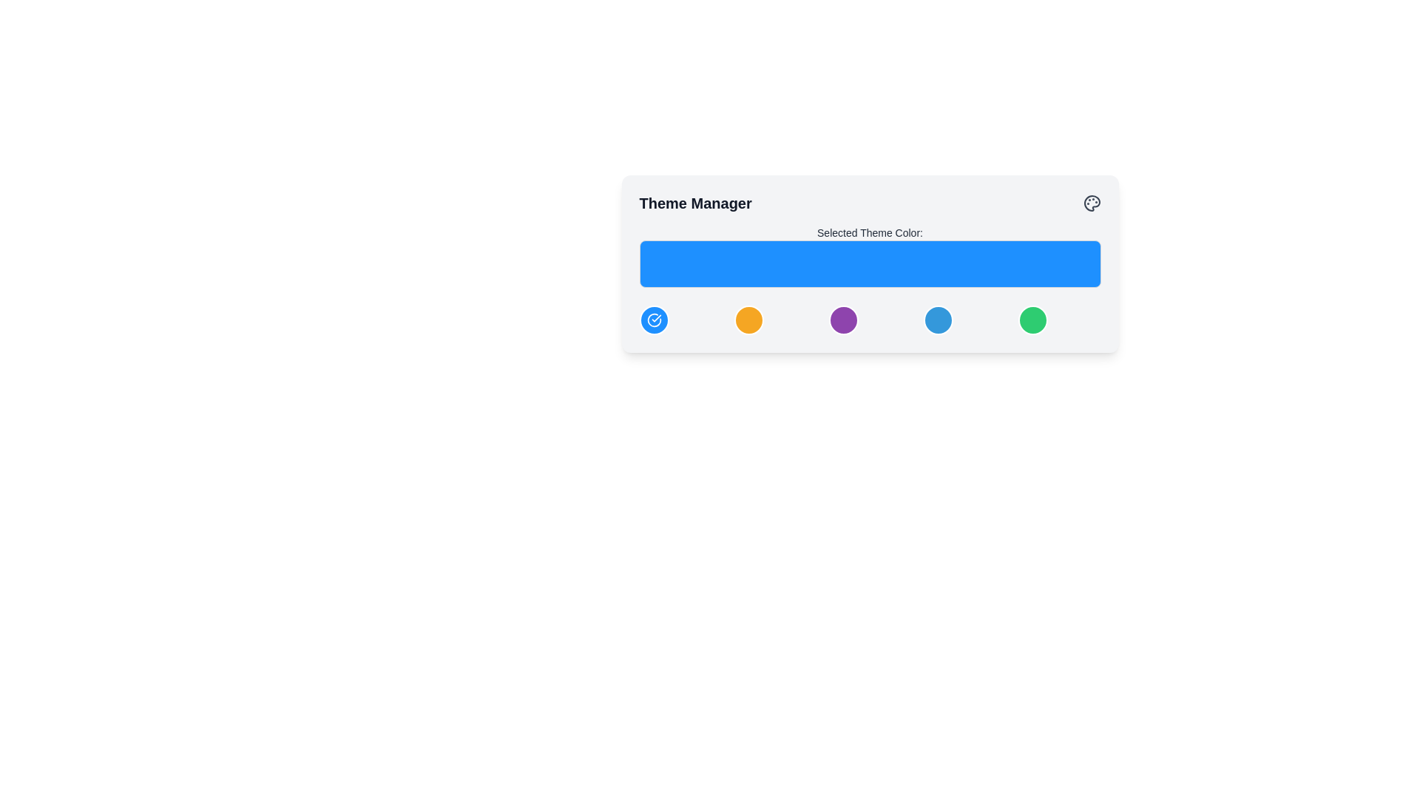 The width and height of the screenshot is (1420, 799). I want to click on the Display box with a blue background labeled 'Selected Theme Color:' within the 'Theme Manager' card, so click(870, 256).